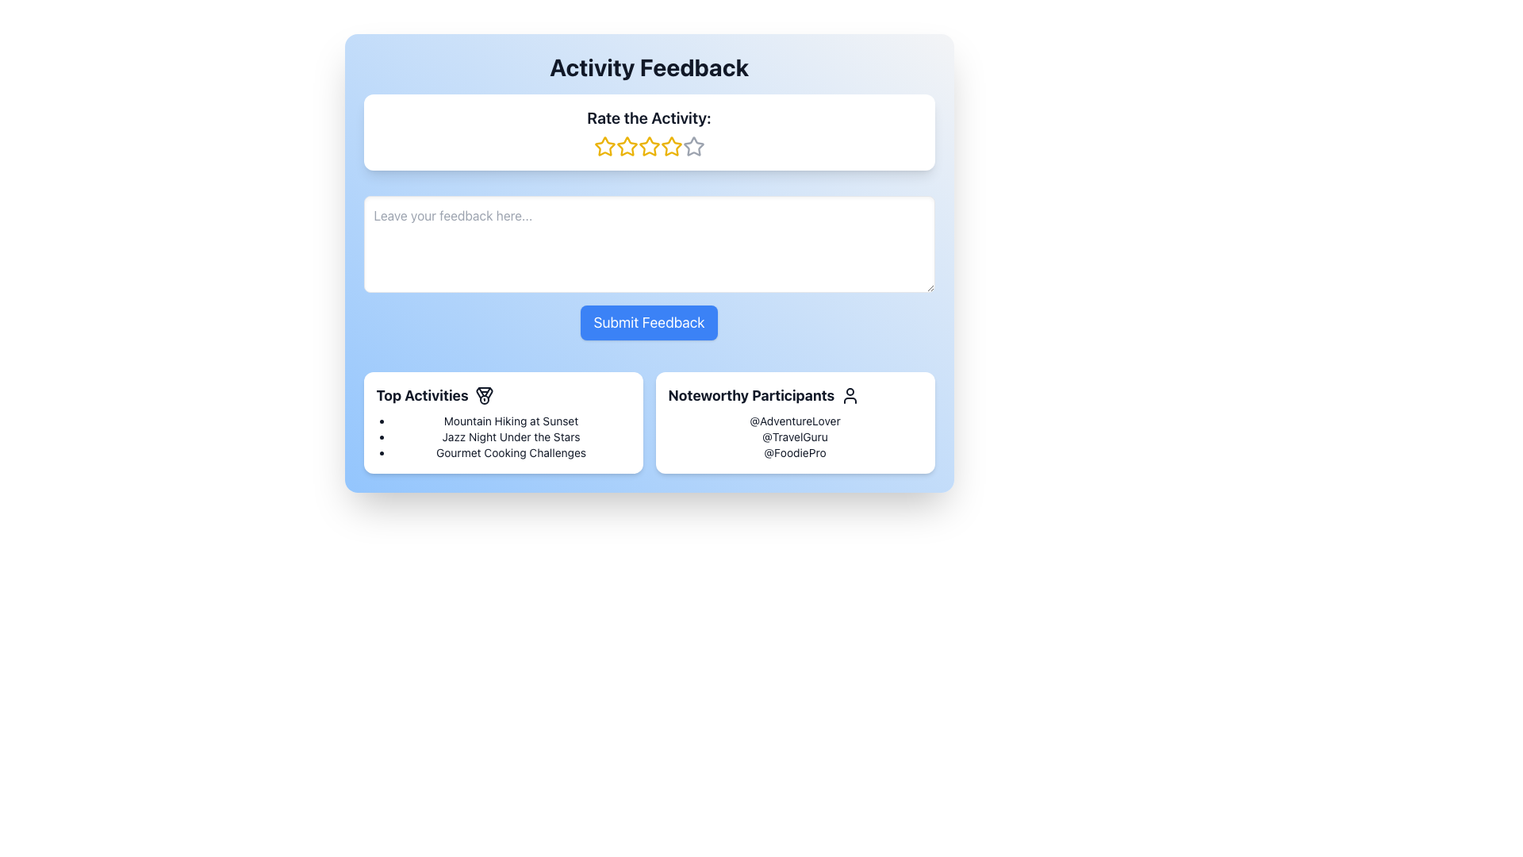 This screenshot has height=857, width=1523. Describe the element at coordinates (604, 146) in the screenshot. I see `the first star in the rating system` at that location.